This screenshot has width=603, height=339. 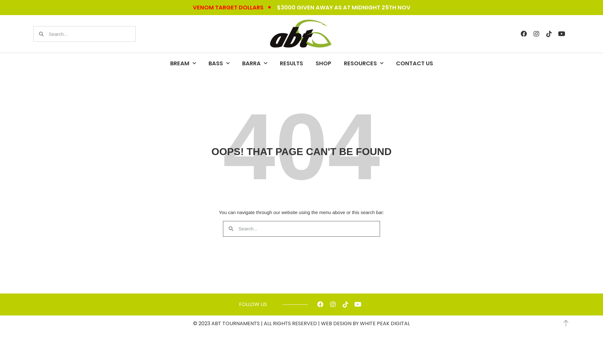 What do you see at coordinates (323, 63) in the screenshot?
I see `'SHOP'` at bounding box center [323, 63].